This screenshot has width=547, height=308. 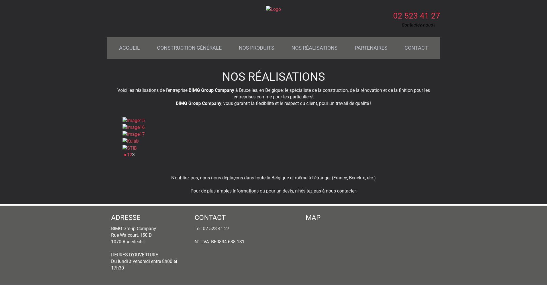 I want to click on 'ACCUEIL', so click(x=111, y=48).